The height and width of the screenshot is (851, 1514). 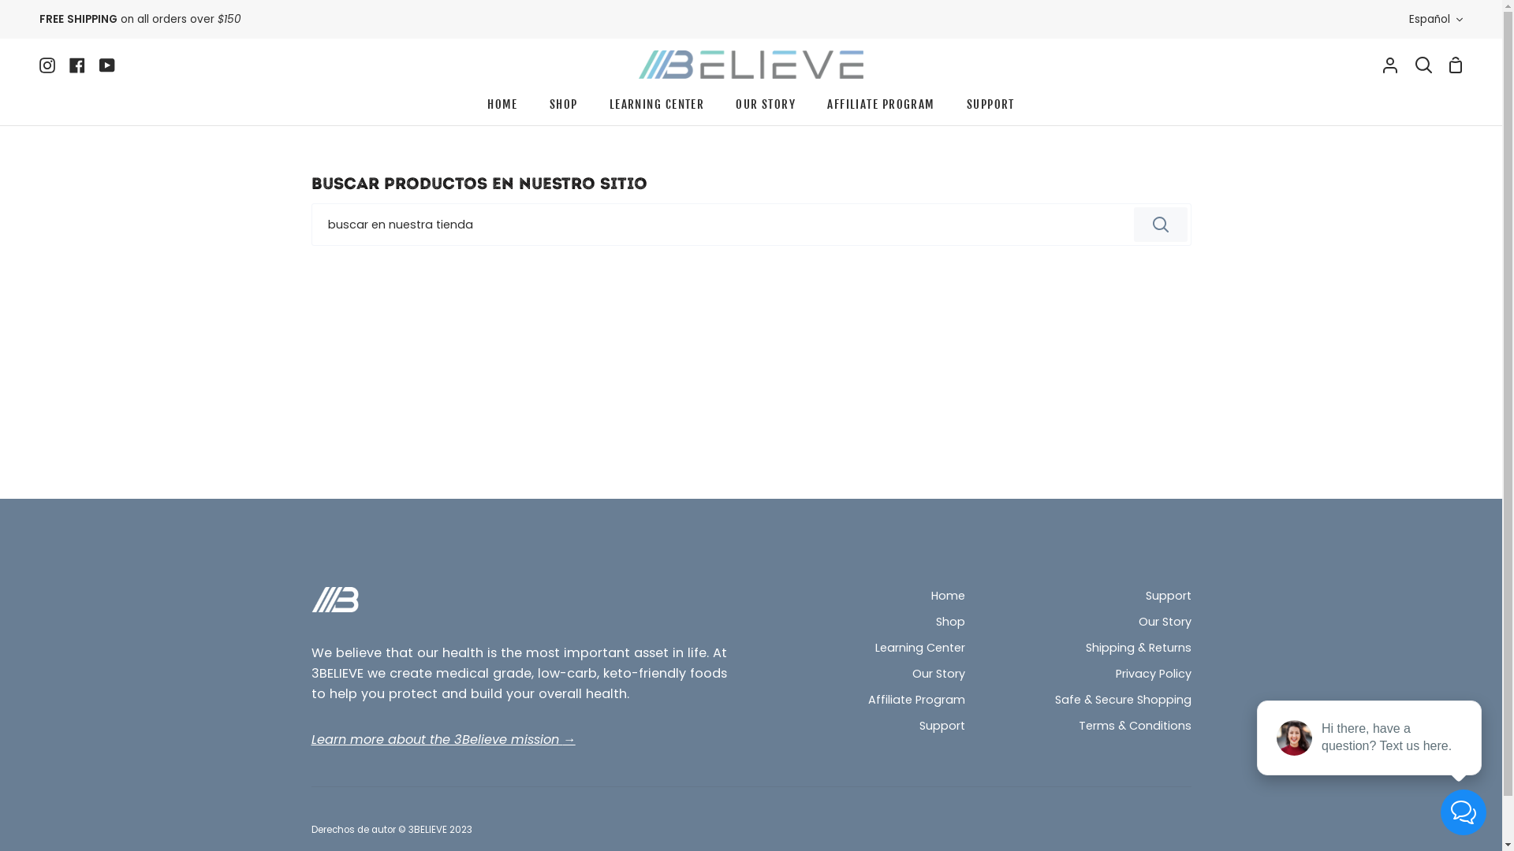 What do you see at coordinates (1153, 674) in the screenshot?
I see `'Privacy Policy'` at bounding box center [1153, 674].